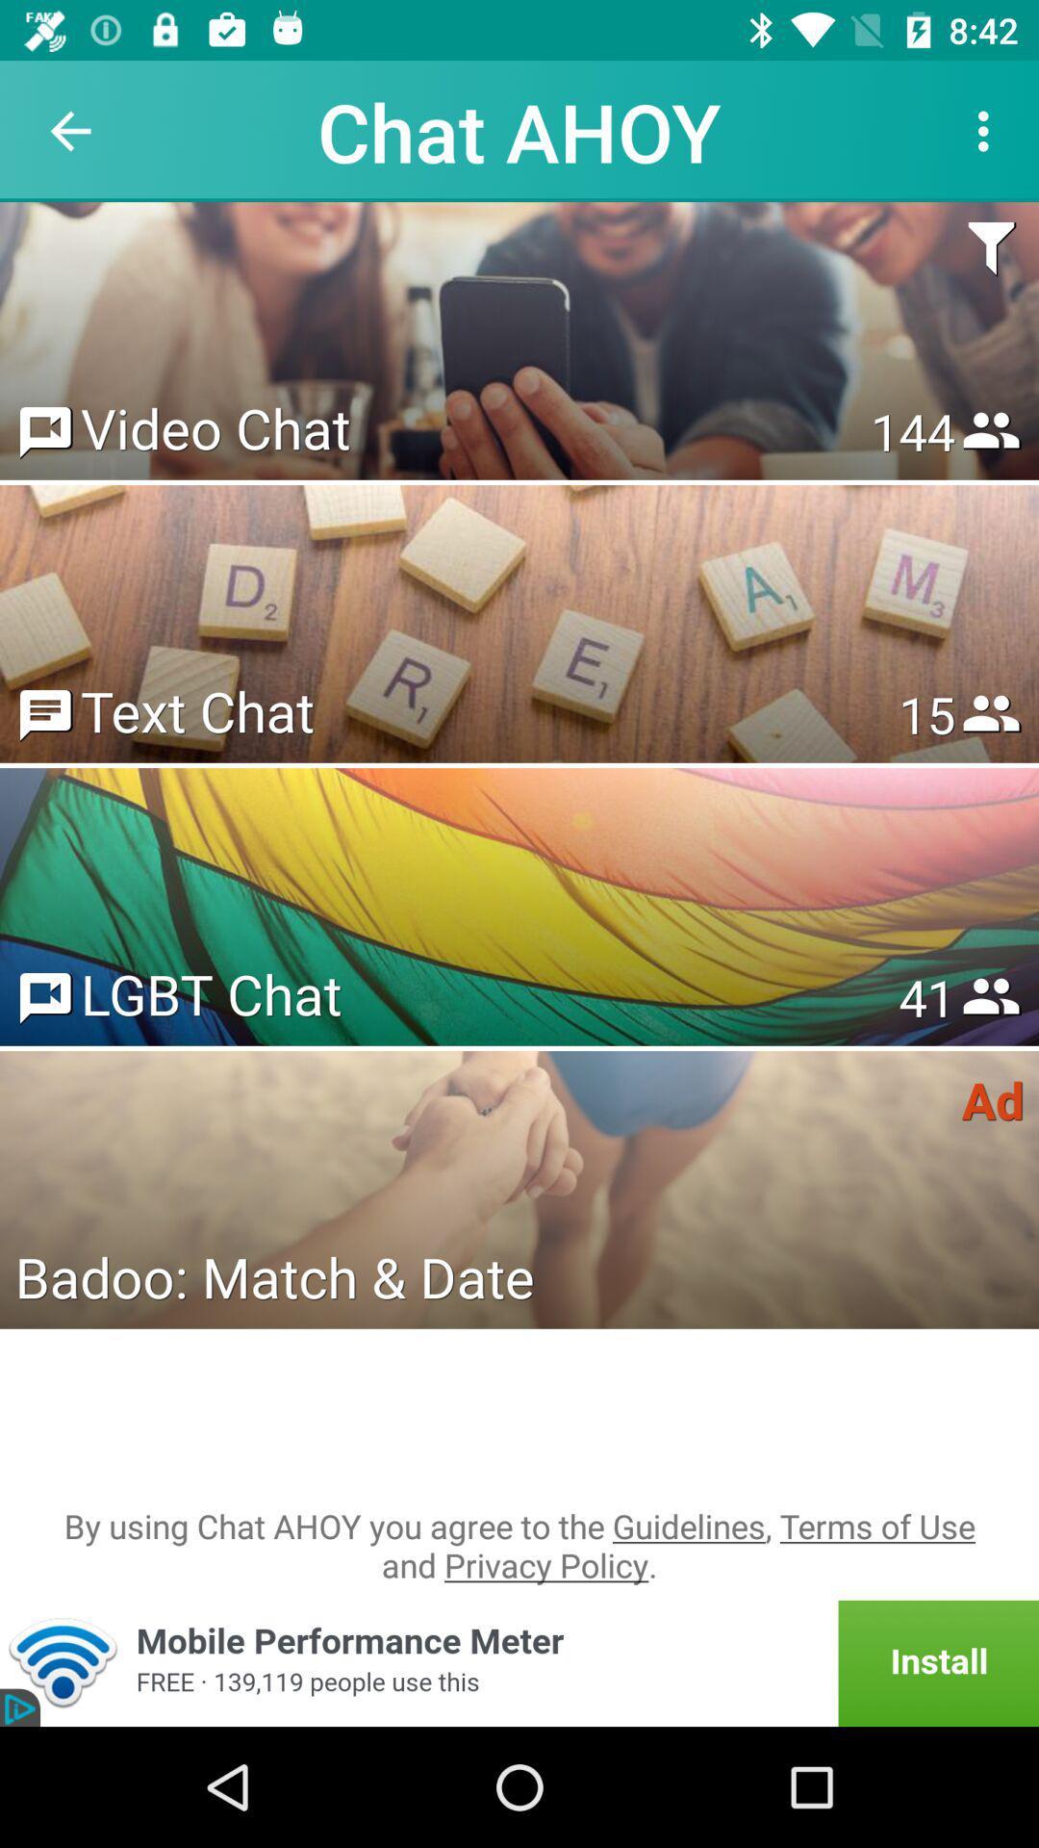  I want to click on the icon to the left of 153 item, so click(215, 426).